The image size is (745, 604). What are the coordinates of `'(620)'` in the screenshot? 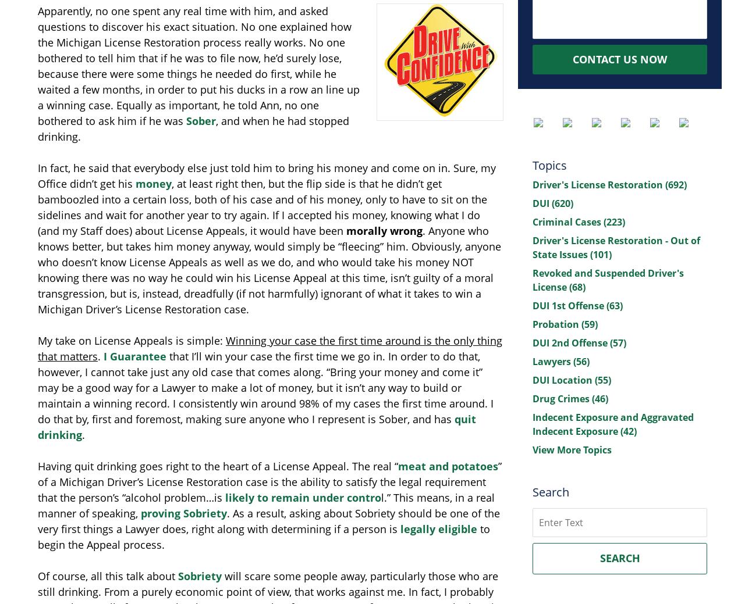 It's located at (551, 203).